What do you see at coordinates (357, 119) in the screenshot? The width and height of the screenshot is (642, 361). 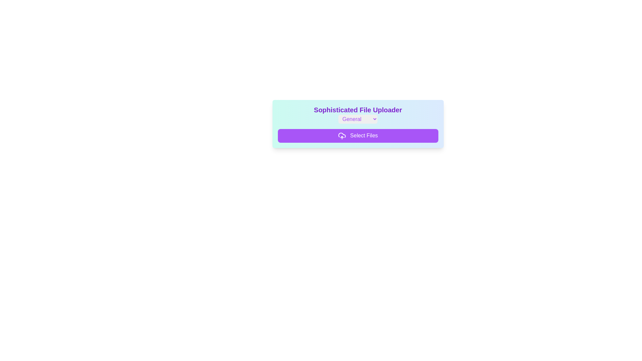 I see `the dropdown menu labeled 'General' with light purple text` at bounding box center [357, 119].